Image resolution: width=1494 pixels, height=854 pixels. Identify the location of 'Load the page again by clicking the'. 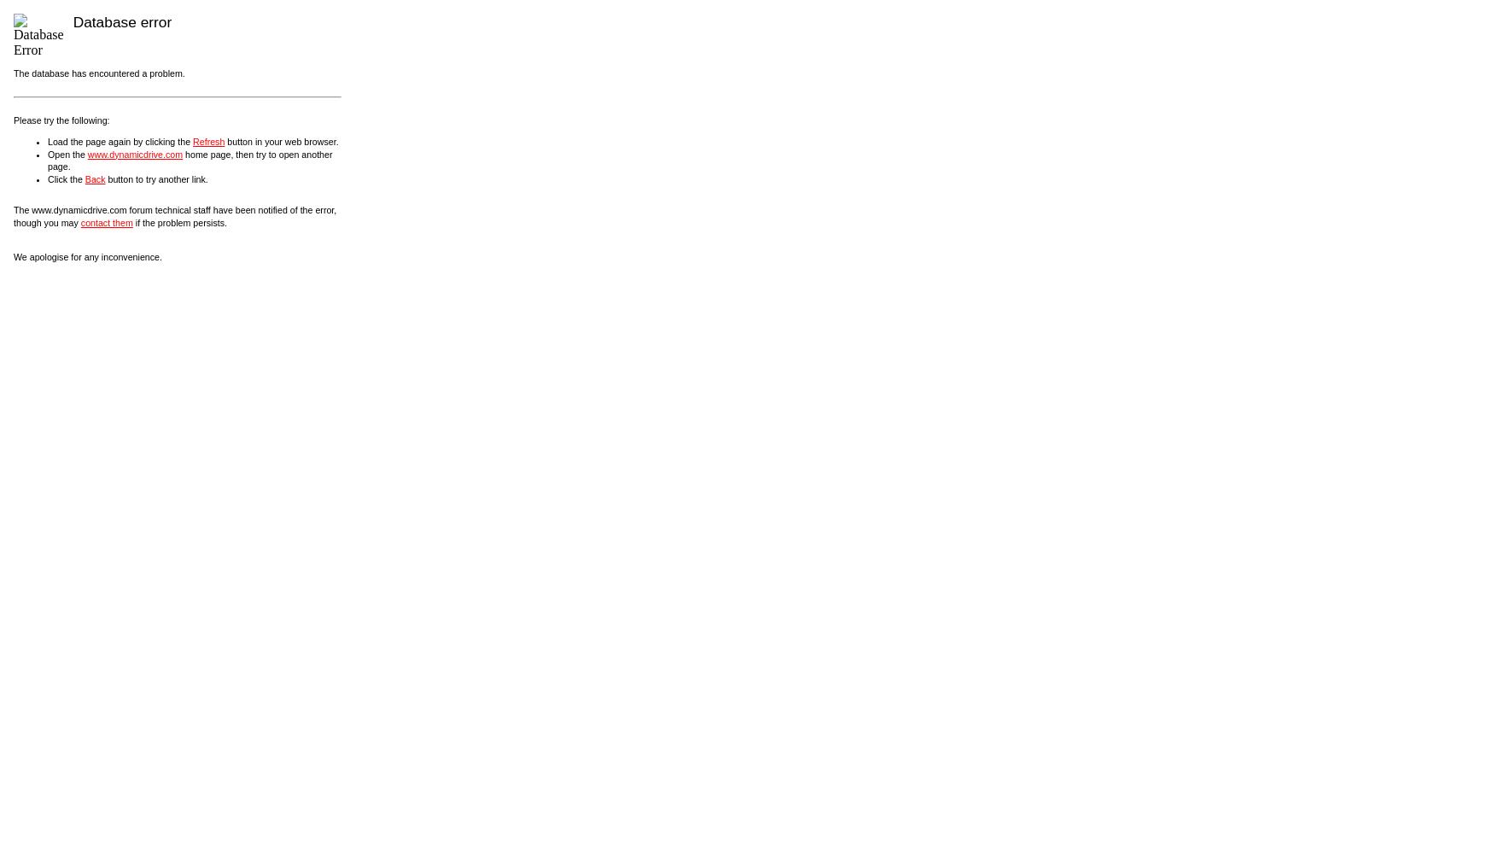
(120, 141).